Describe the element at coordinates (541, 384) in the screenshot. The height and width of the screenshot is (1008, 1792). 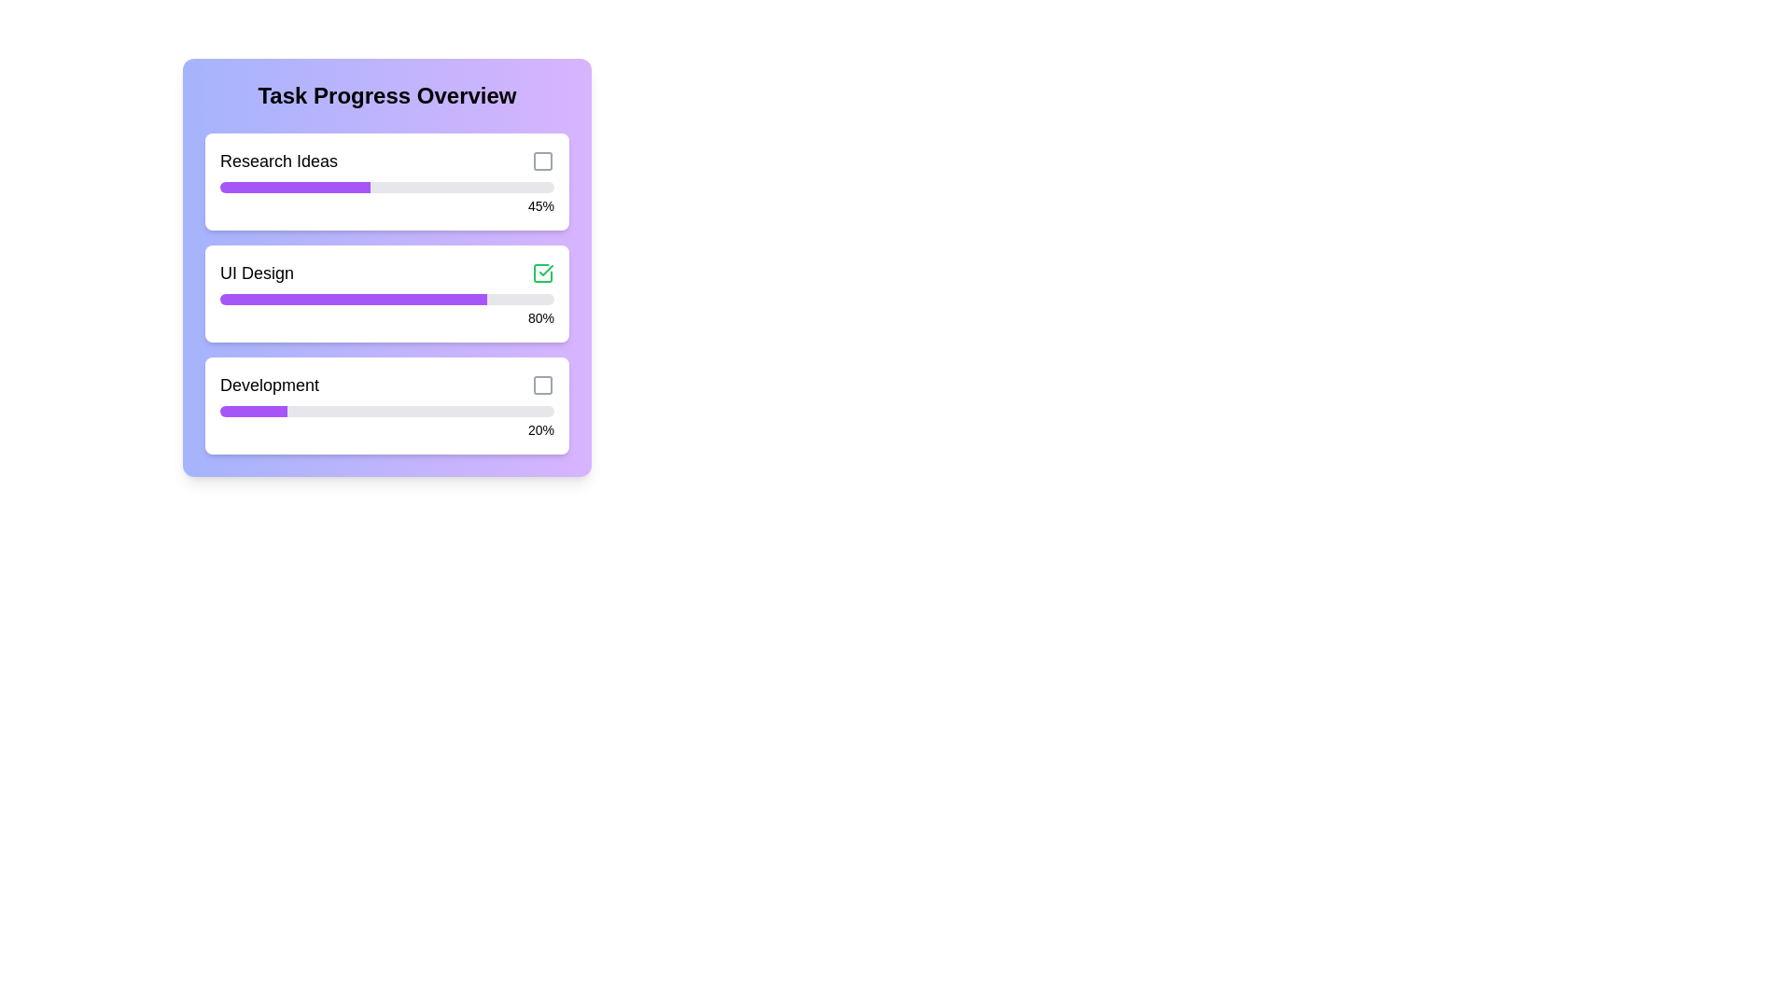
I see `the checkbox element for the 'Development' task` at that location.